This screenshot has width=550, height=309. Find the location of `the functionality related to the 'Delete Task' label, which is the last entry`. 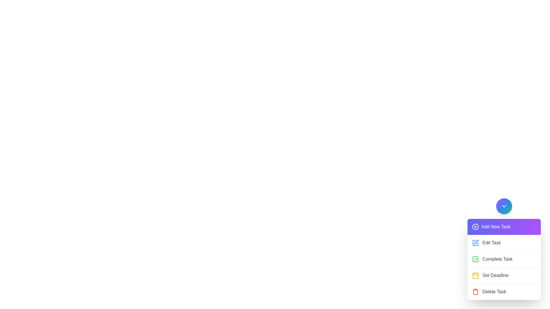

the functionality related to the 'Delete Task' label, which is the last entry is located at coordinates (494, 292).